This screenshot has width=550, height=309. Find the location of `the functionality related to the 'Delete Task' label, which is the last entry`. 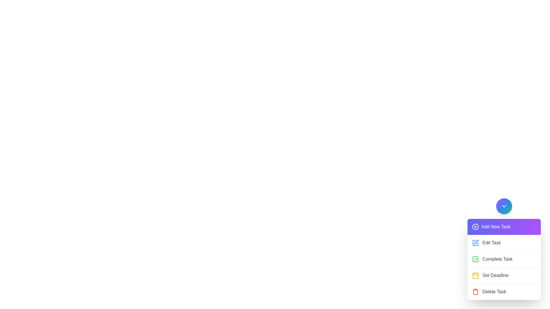

the functionality related to the 'Delete Task' label, which is the last entry is located at coordinates (494, 292).